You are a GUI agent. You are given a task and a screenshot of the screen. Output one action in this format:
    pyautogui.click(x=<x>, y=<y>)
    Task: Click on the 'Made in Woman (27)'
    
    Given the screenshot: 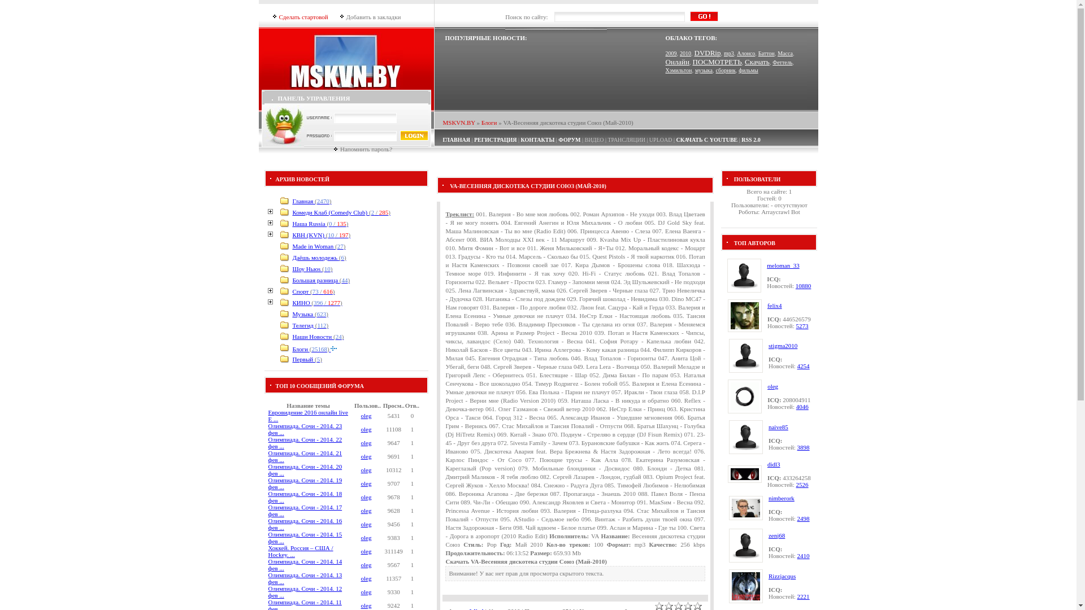 What is the action you would take?
    pyautogui.click(x=318, y=245)
    